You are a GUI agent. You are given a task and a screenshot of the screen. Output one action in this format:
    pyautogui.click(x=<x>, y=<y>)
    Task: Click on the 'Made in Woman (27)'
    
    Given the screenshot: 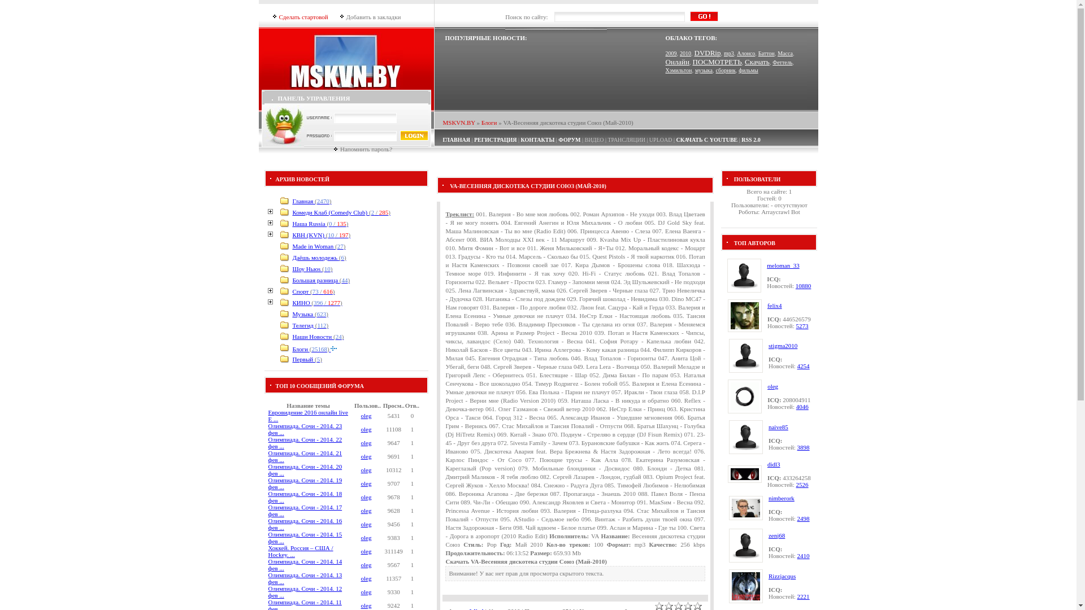 What is the action you would take?
    pyautogui.click(x=318, y=245)
    